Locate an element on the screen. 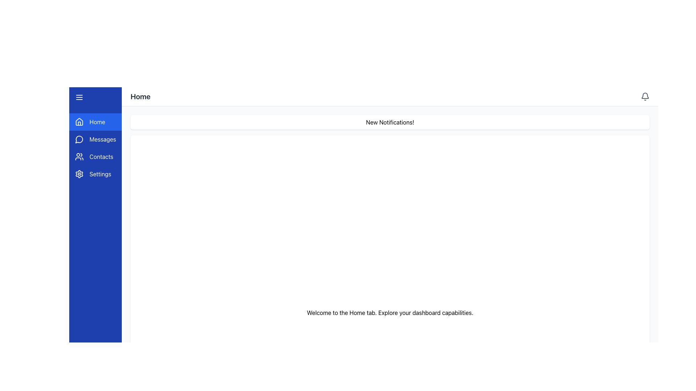 The image size is (696, 391). the Home navigation button located at the top of the vertical menu in the sidebar is located at coordinates (95, 121).